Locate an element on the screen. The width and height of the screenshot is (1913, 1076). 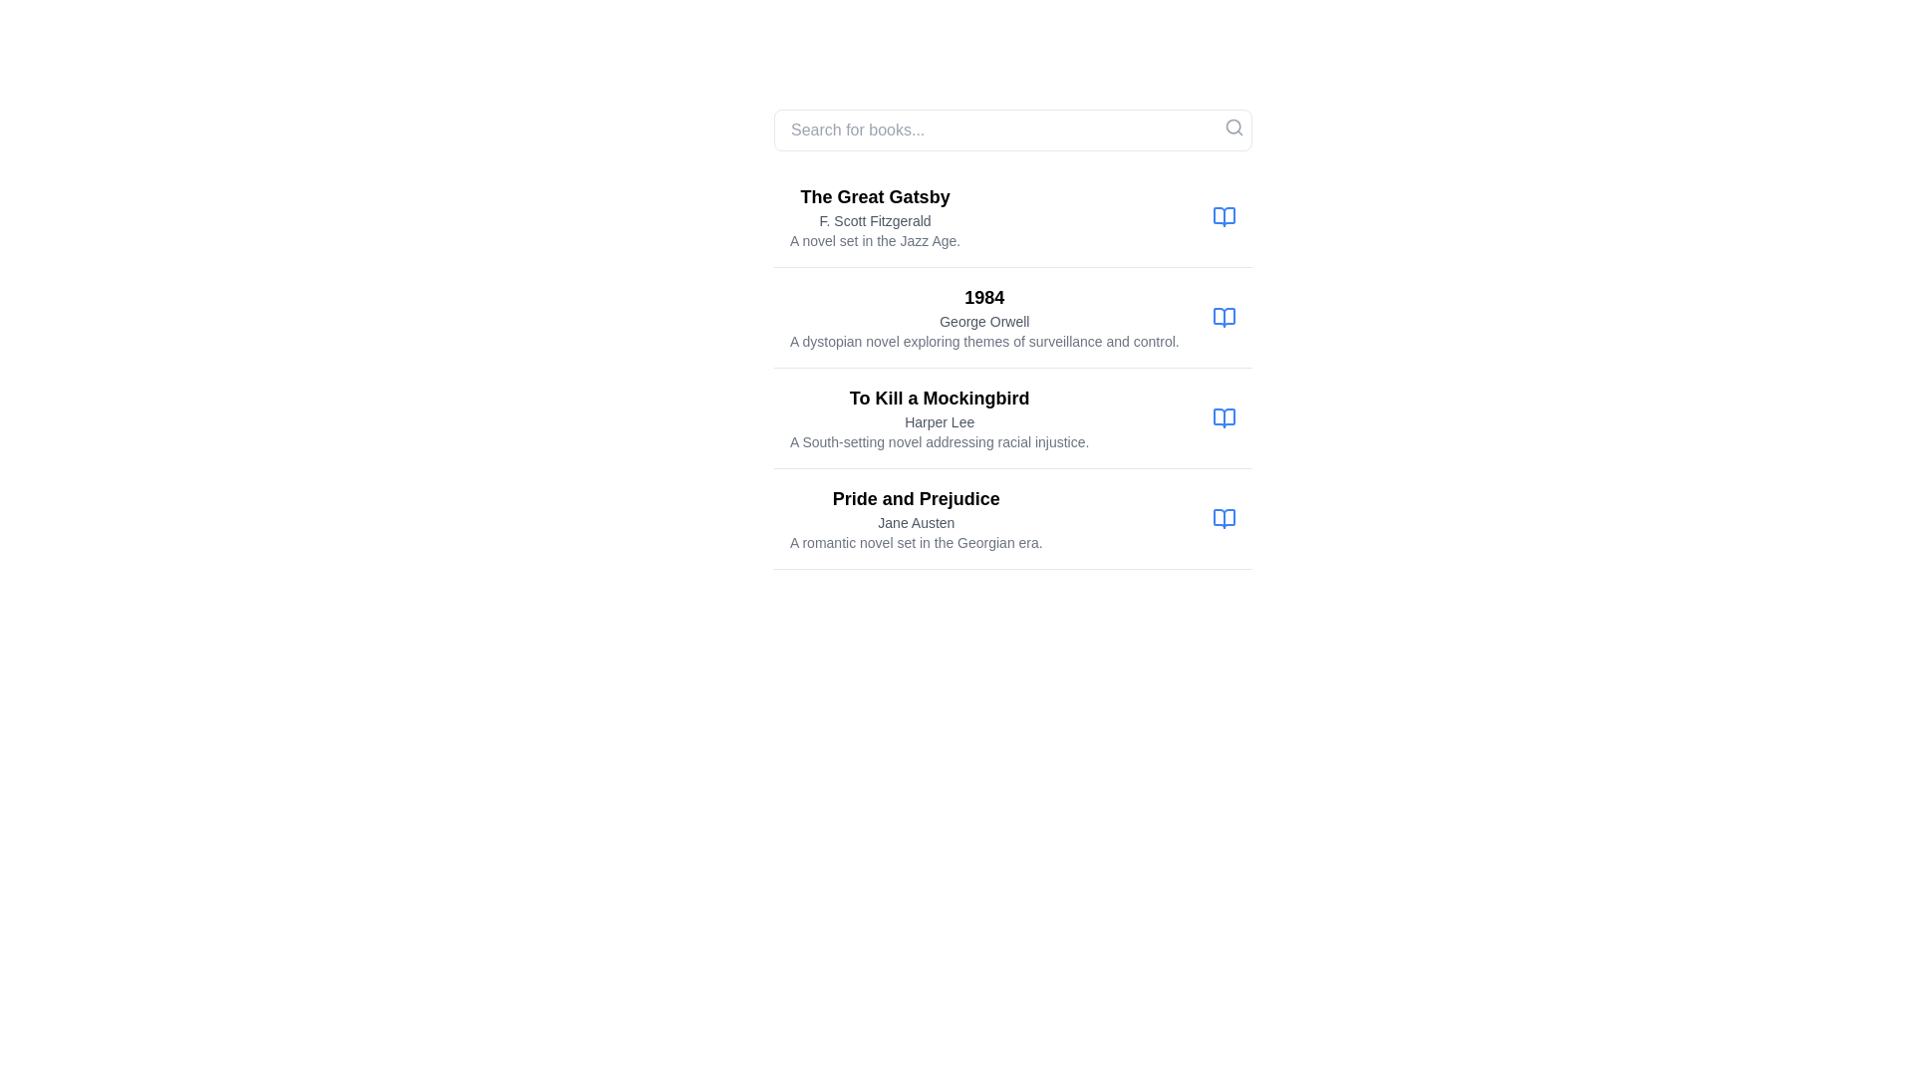
the static text displaying the author of the book 'Pride and Prejudice', which is the second element in a vertical stack of three elements is located at coordinates (915, 521).